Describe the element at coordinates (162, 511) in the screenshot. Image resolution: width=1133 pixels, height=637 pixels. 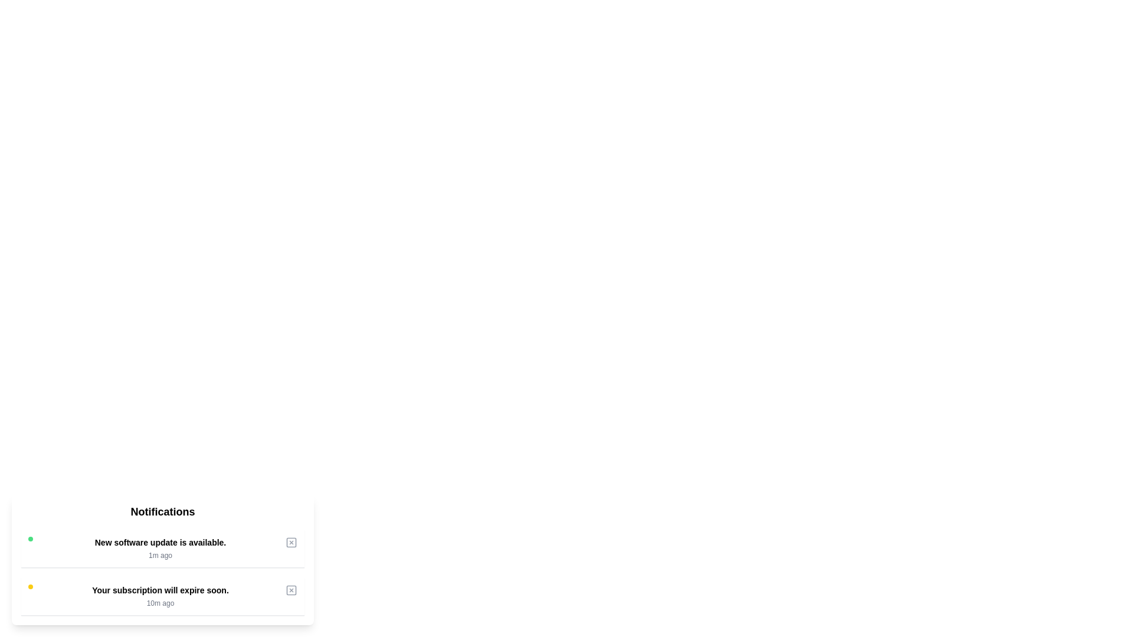
I see `the title text of the notifications section located at the top of the notification panel, which is fixed at the bottom center of the interface` at that location.